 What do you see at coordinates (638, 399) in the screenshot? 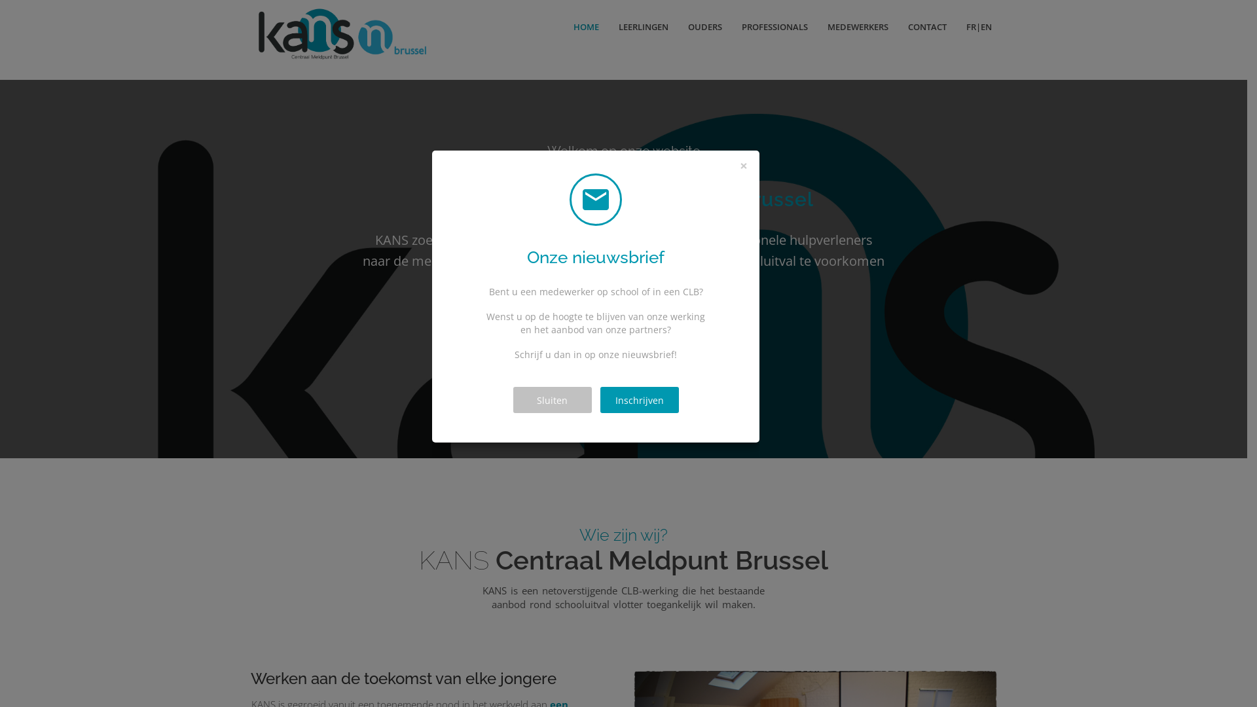
I see `'Inschrijven'` at bounding box center [638, 399].